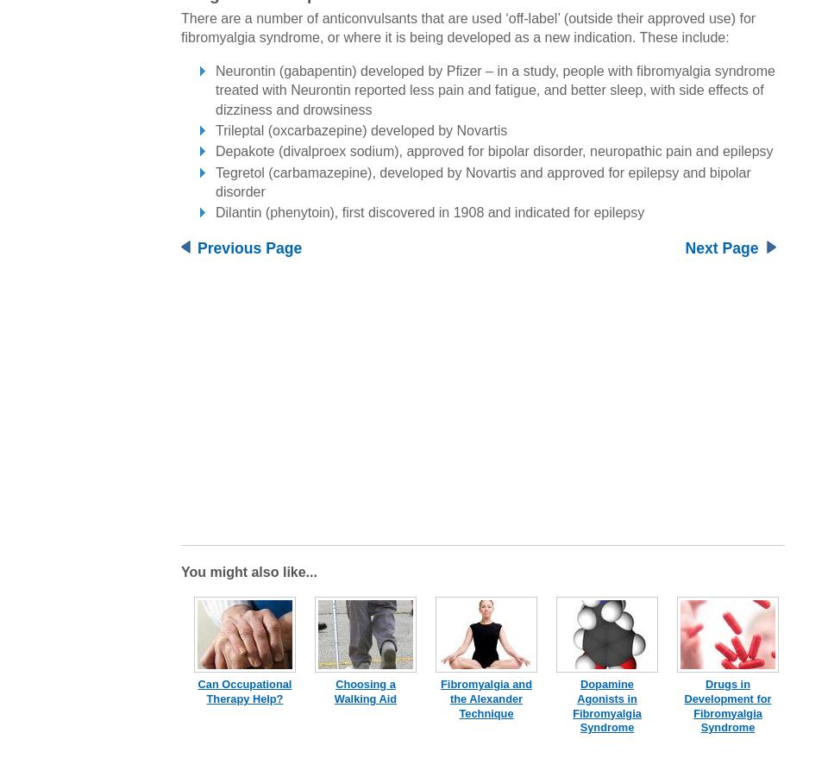 This screenshot has height=758, width=828. What do you see at coordinates (181, 26) in the screenshot?
I see `'There are a number of anticonvulsants that are used ‘off-label’ (outside their approved use) for fibromyalgia syndrome, or where it is being developed as a new indication. These include:'` at bounding box center [181, 26].